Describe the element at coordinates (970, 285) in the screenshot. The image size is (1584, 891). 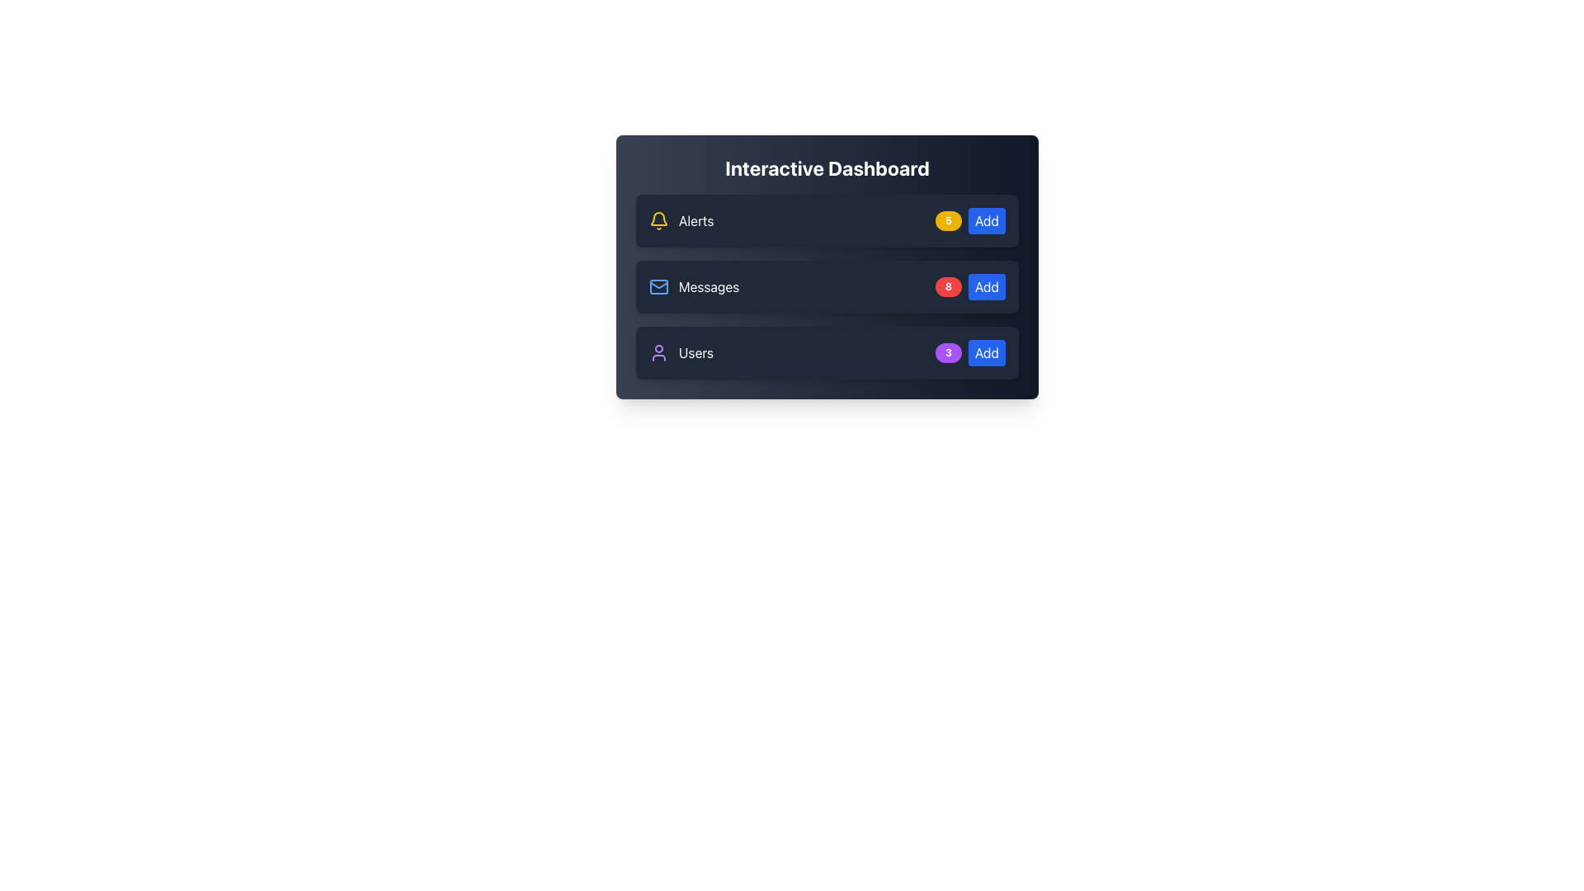
I see `the blue button labeled 'Add' located next to the red badge with the number '8' in the second row of the 'Interactive Dashboard' card` at that location.